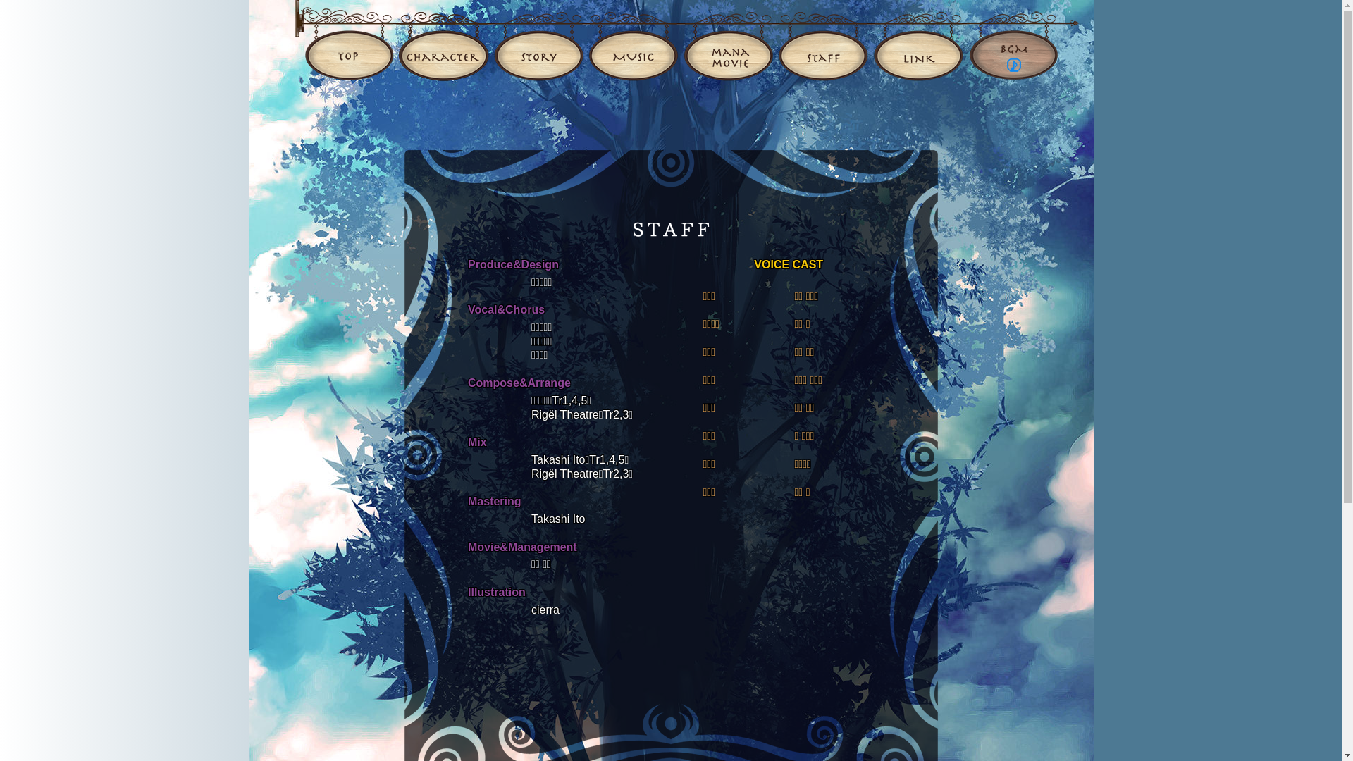  What do you see at coordinates (918, 39) in the screenshot?
I see `'LINK'` at bounding box center [918, 39].